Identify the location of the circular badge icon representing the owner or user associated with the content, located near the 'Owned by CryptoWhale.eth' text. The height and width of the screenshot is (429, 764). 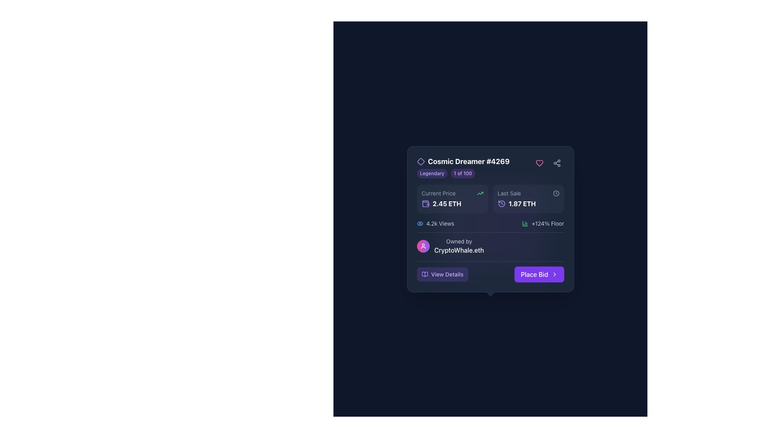
(423, 246).